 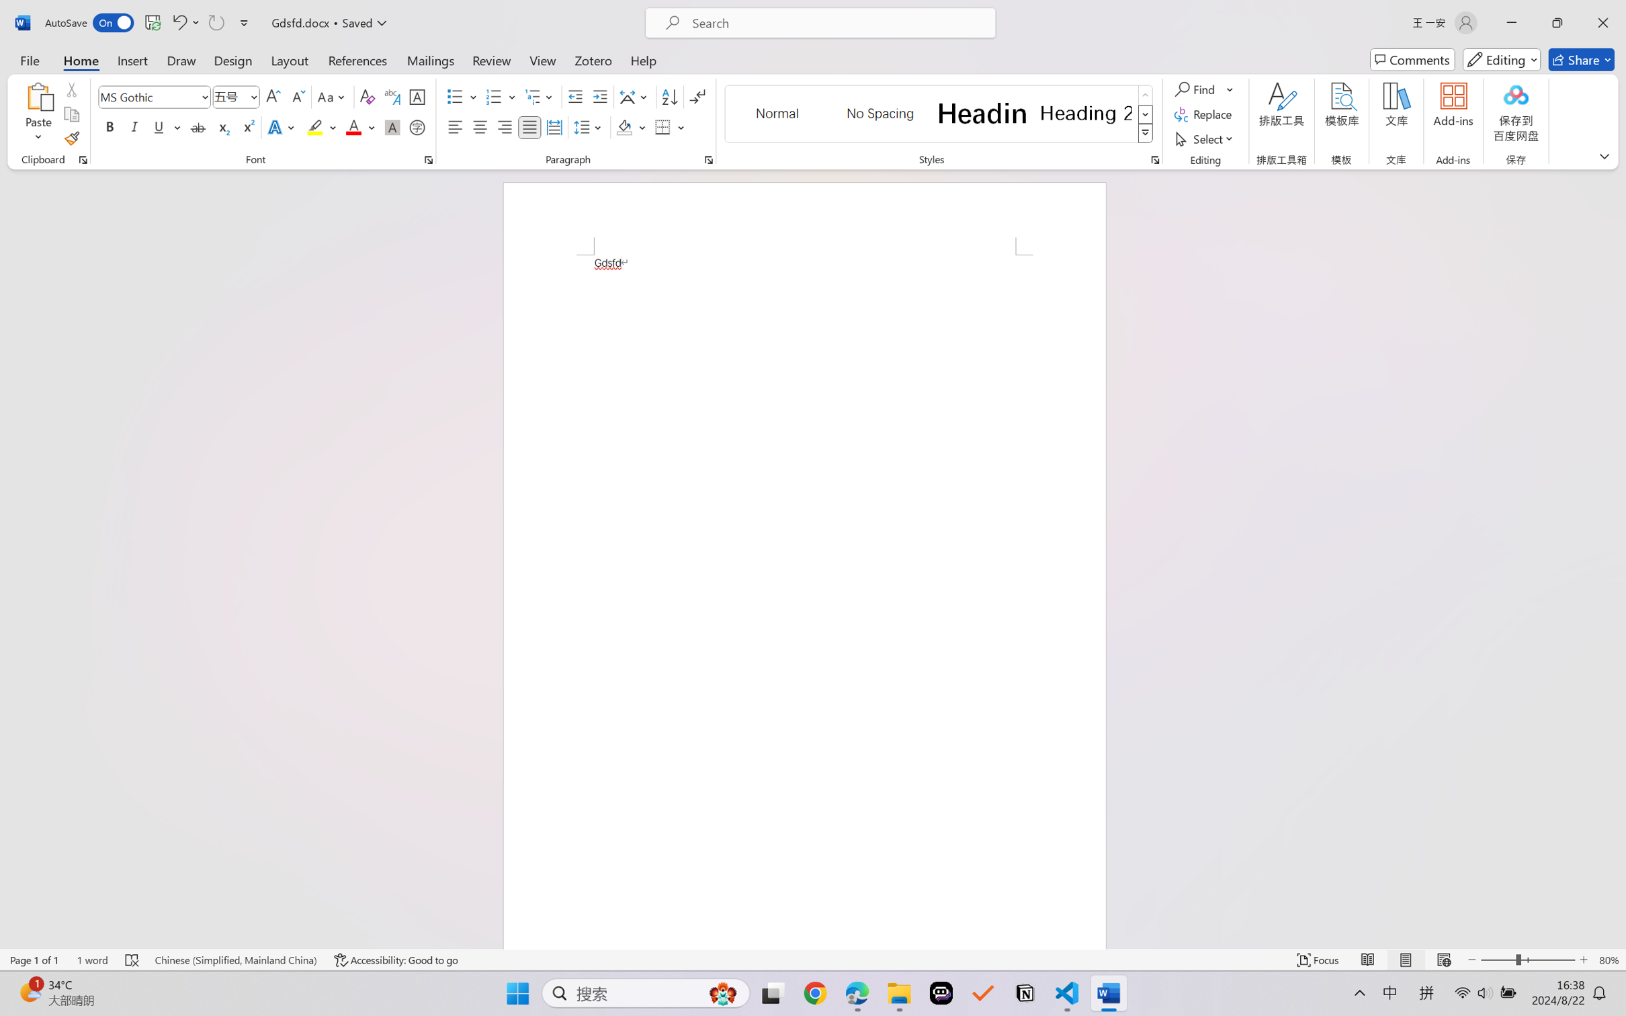 What do you see at coordinates (184, 22) in the screenshot?
I see `'Undo Font Formatting'` at bounding box center [184, 22].